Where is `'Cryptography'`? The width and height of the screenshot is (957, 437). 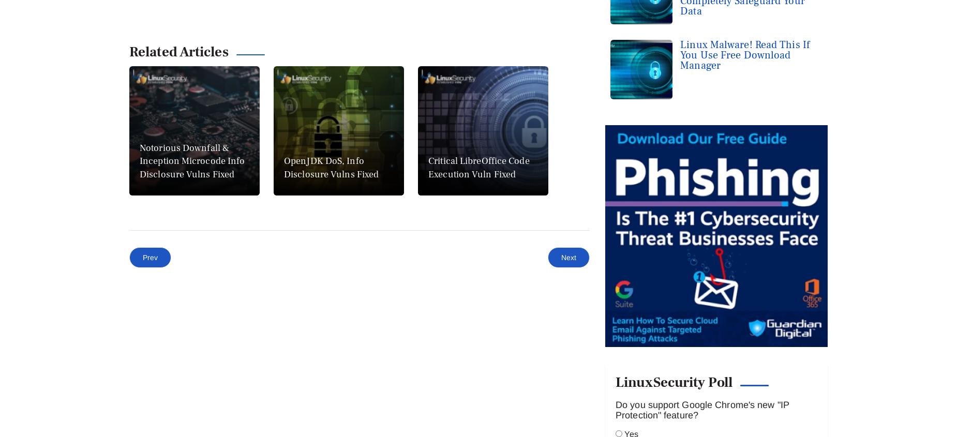 'Cryptography' is located at coordinates (121, 372).